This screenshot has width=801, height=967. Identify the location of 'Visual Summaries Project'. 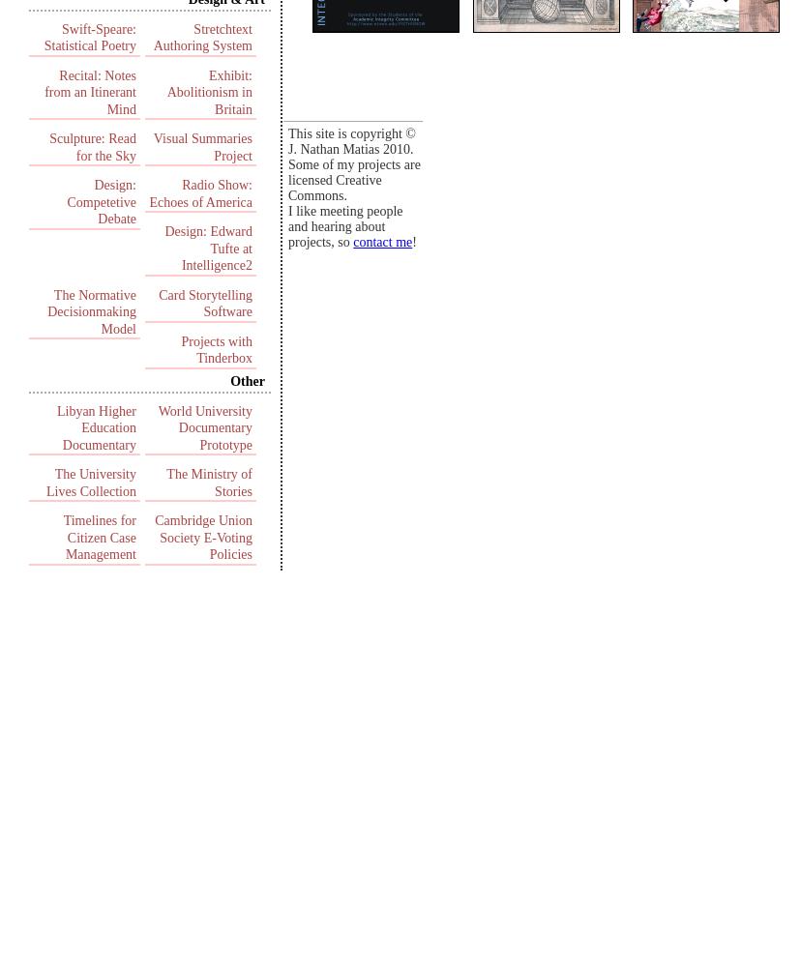
(202, 147).